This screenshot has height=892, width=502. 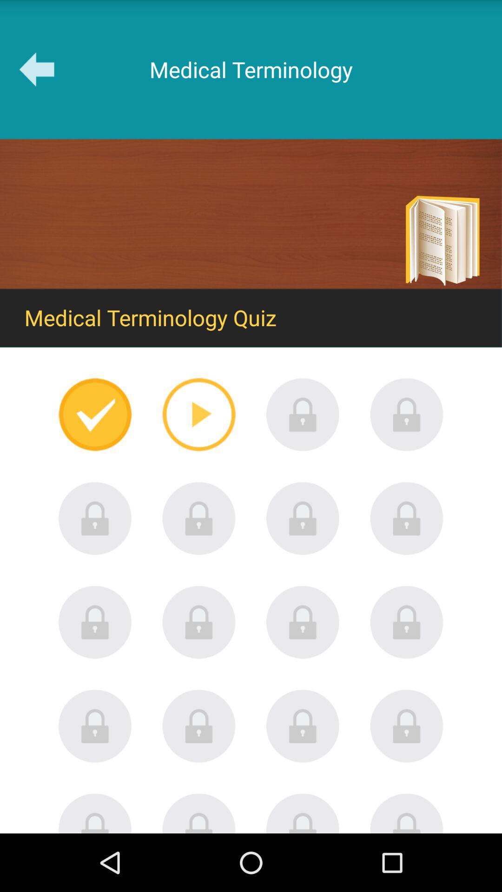 What do you see at coordinates (303, 777) in the screenshot?
I see `the lock icon` at bounding box center [303, 777].